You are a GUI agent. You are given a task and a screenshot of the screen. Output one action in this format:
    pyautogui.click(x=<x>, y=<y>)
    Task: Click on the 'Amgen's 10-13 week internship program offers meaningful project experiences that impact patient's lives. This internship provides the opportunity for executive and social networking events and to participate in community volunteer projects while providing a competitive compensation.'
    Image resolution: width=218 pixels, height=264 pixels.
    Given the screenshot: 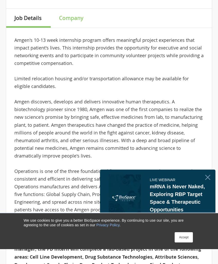 What is the action you would take?
    pyautogui.click(x=108, y=51)
    